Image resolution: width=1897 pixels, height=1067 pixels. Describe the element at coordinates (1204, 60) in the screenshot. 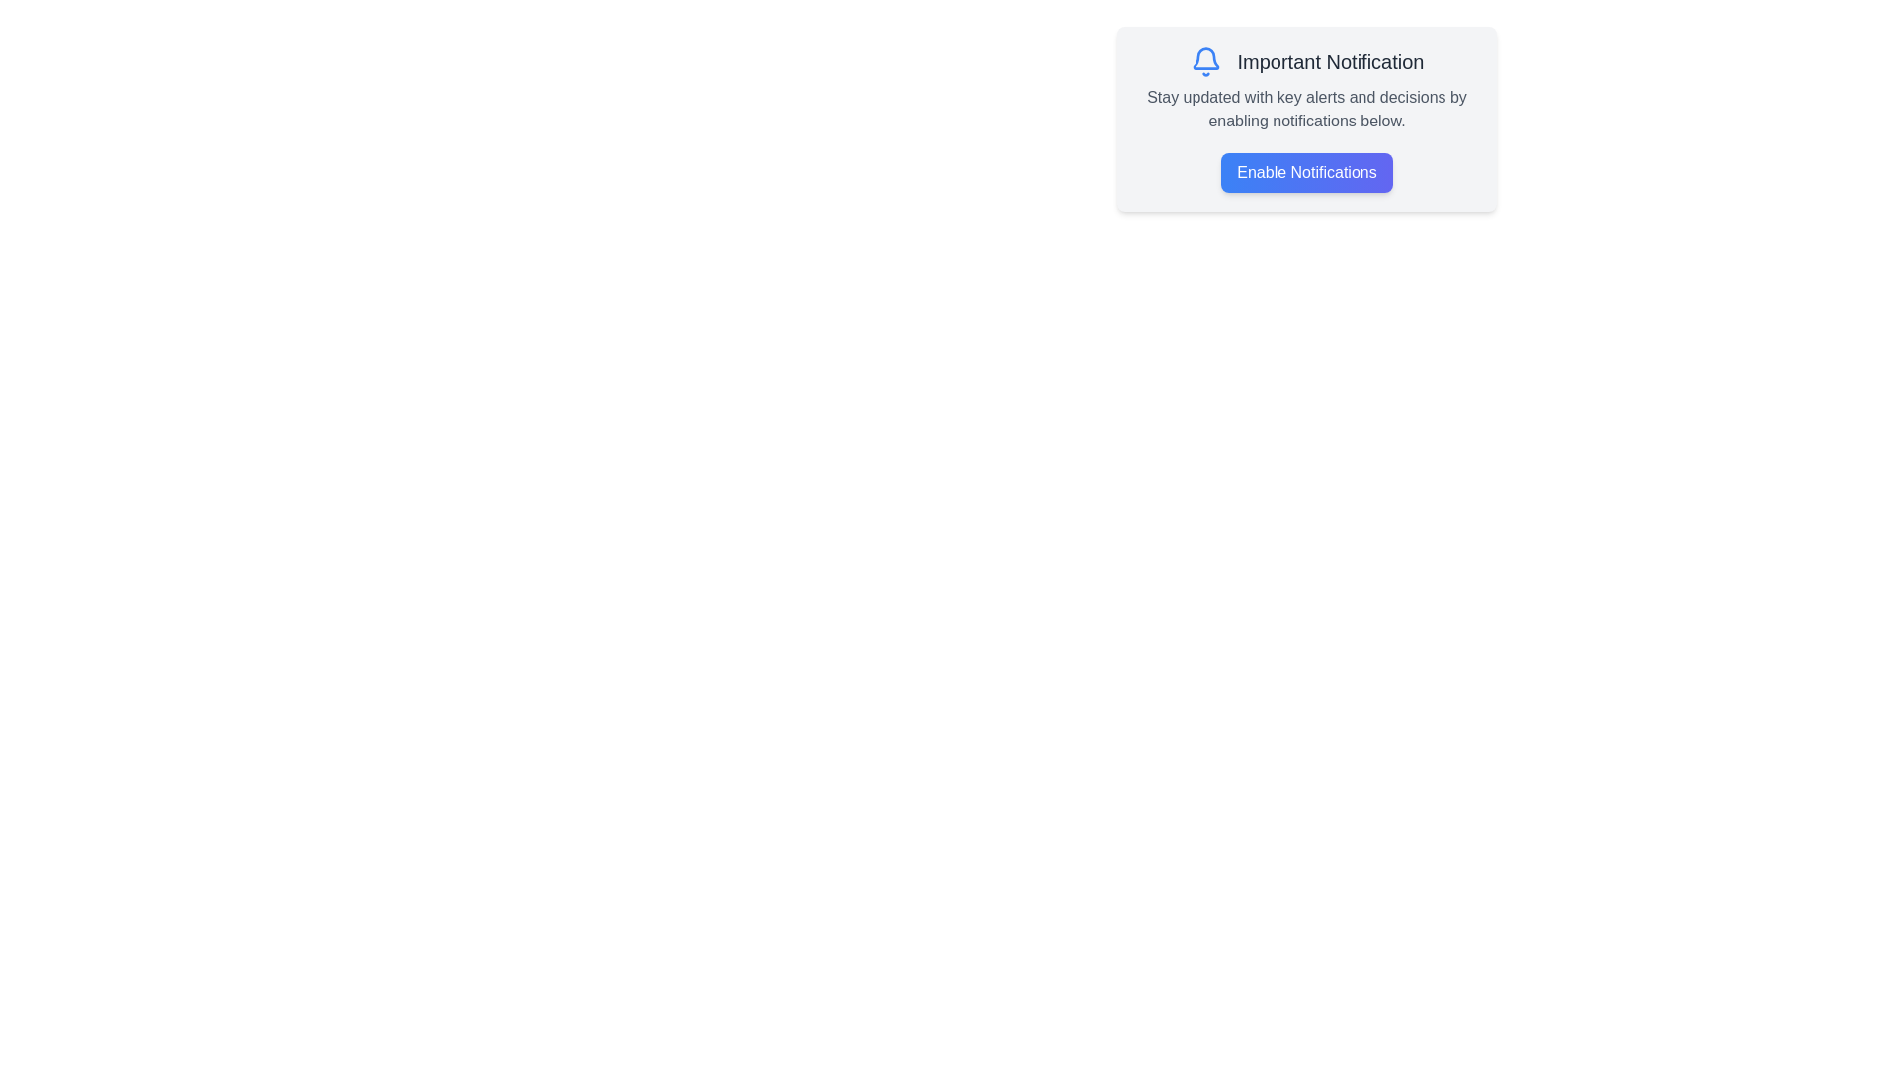

I see `the bell icon, which serves as a notification indicator and is located to the left of the 'Important Notification' text` at that location.